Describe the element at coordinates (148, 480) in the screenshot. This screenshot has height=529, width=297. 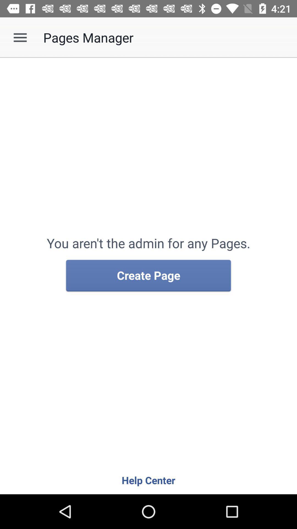
I see `help center item` at that location.